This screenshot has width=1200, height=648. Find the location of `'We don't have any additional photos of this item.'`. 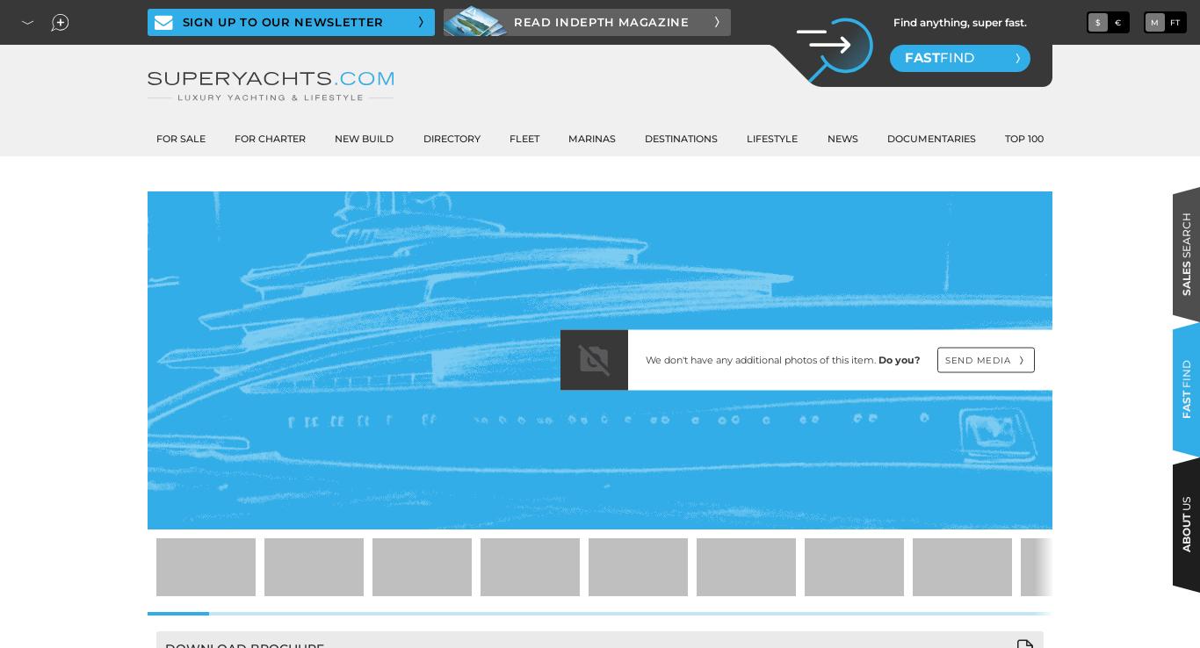

'We don't have any additional photos of this item.' is located at coordinates (760, 358).